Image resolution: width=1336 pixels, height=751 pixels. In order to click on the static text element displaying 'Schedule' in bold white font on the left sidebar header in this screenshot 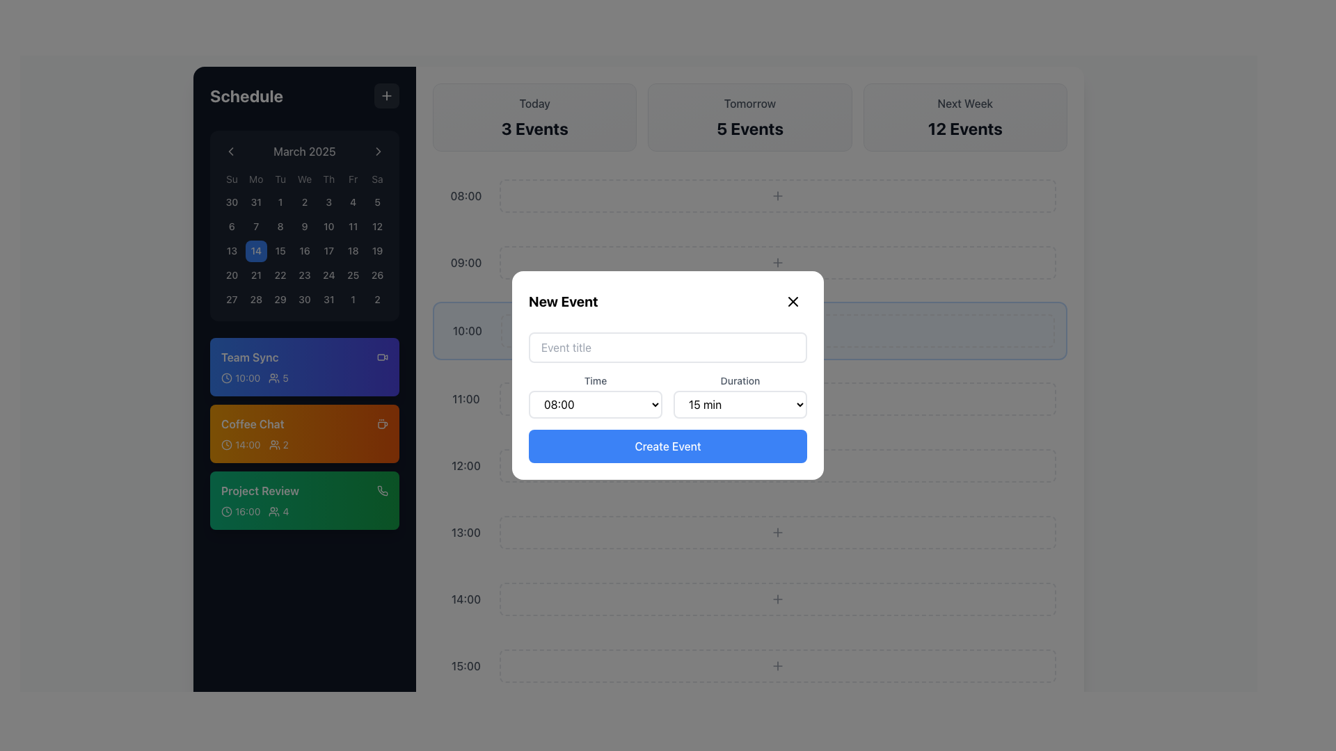, I will do `click(246, 95)`.